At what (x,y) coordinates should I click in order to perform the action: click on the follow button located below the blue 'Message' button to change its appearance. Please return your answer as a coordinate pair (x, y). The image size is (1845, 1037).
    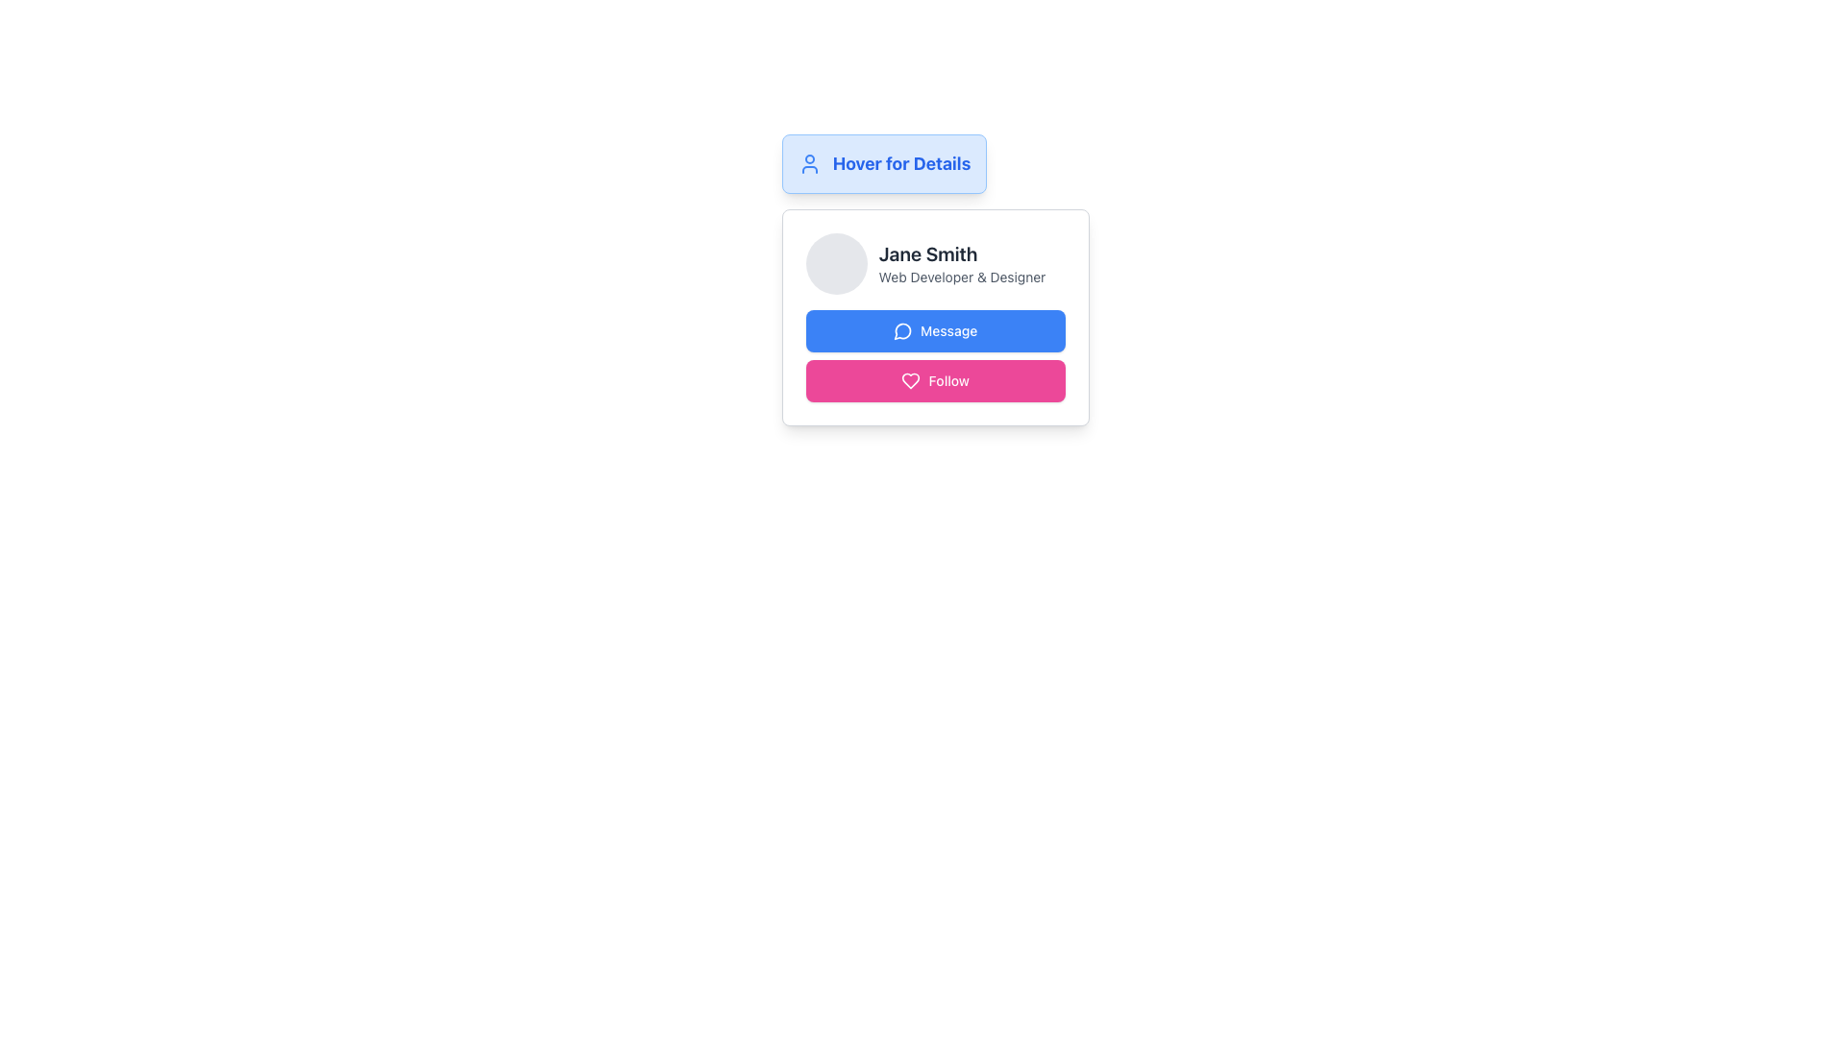
    Looking at the image, I should click on (935, 381).